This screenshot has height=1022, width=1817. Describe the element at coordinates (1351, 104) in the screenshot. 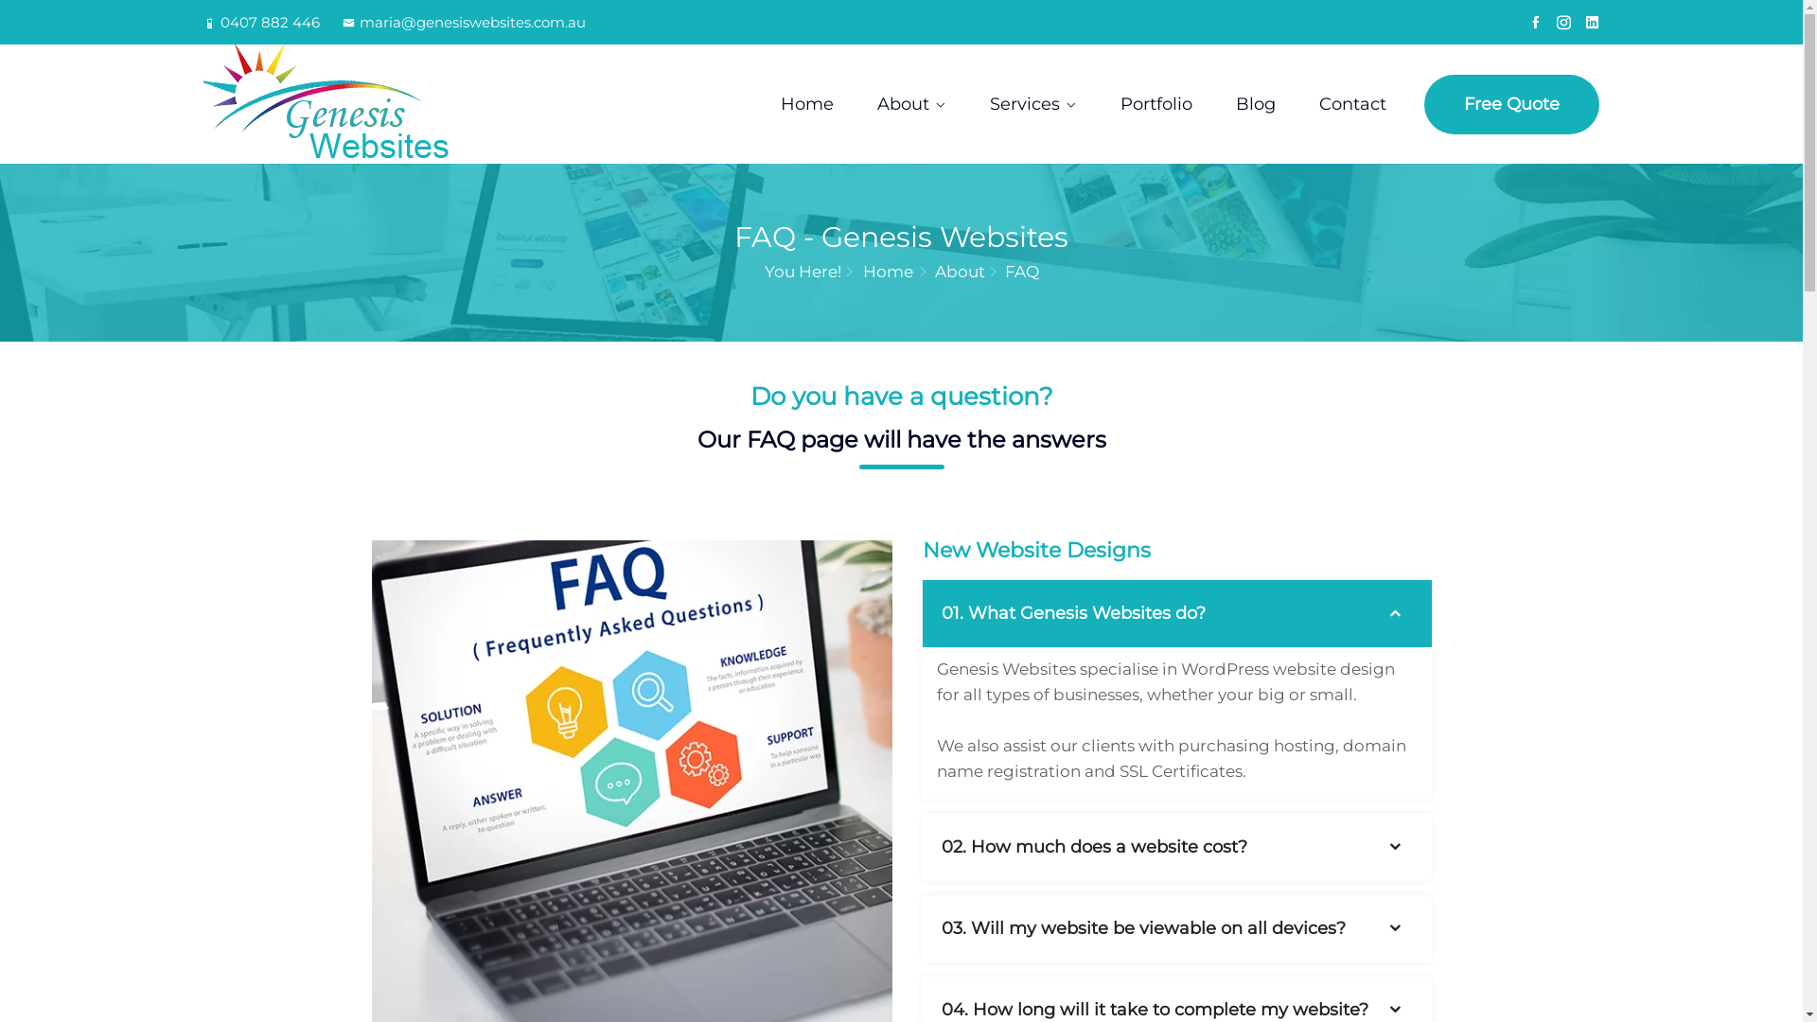

I see `'Contact'` at that location.